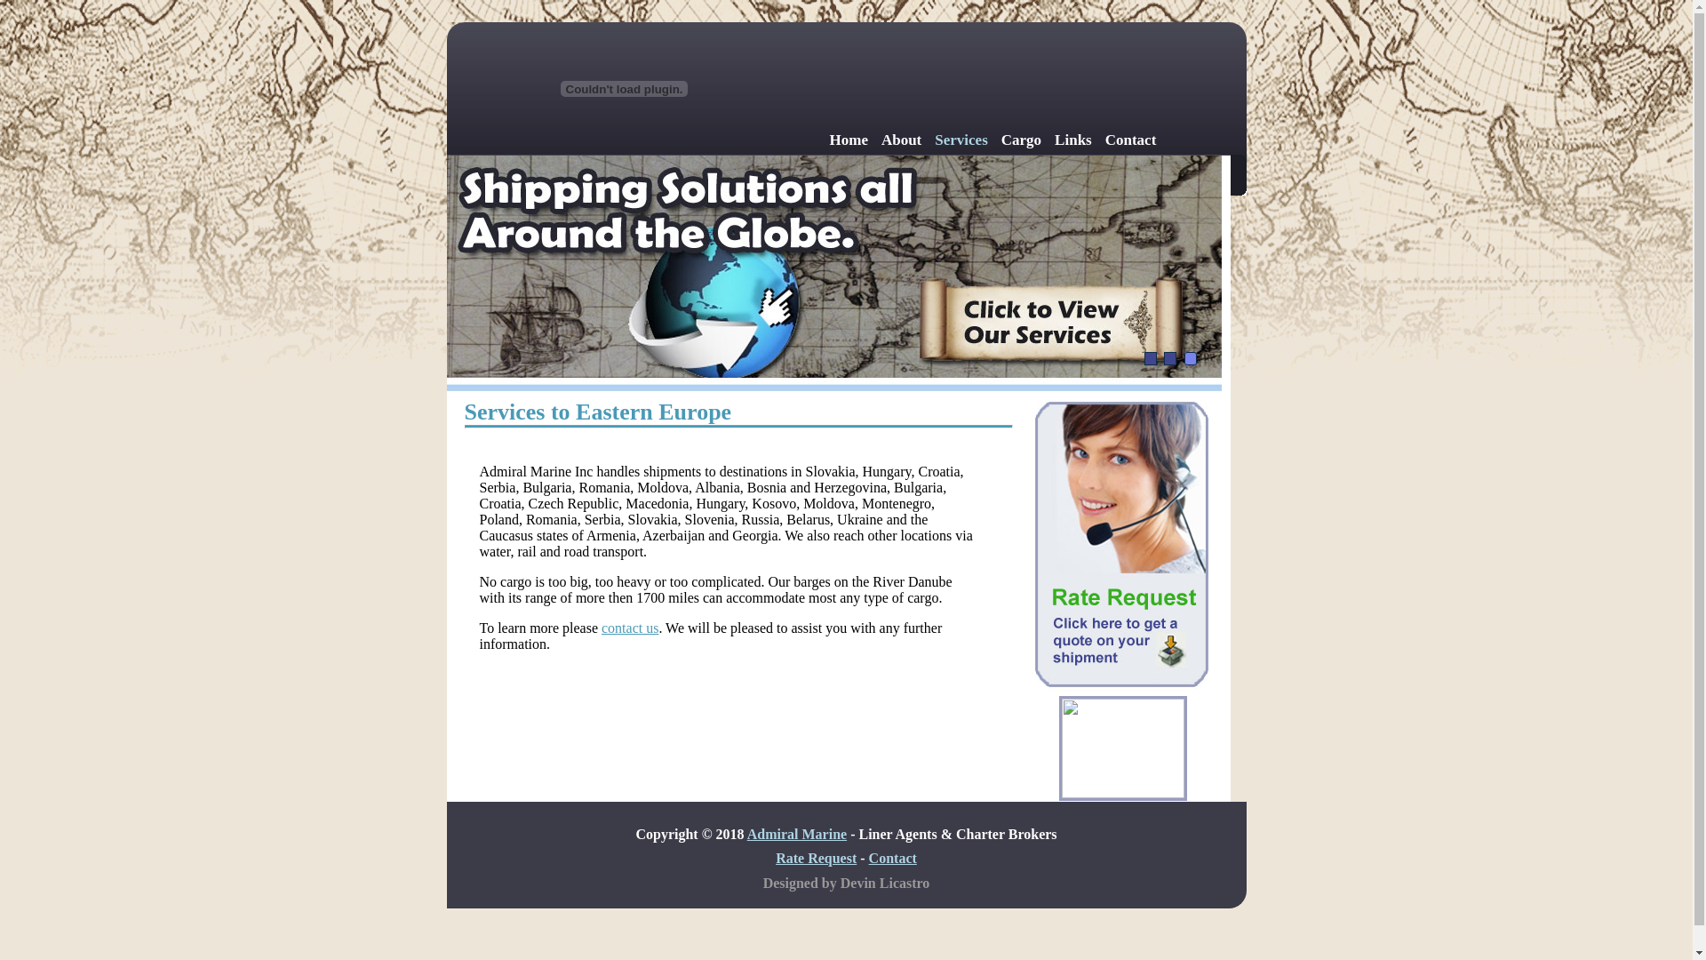 The height and width of the screenshot is (960, 1706). What do you see at coordinates (1104, 139) in the screenshot?
I see `'Contact'` at bounding box center [1104, 139].